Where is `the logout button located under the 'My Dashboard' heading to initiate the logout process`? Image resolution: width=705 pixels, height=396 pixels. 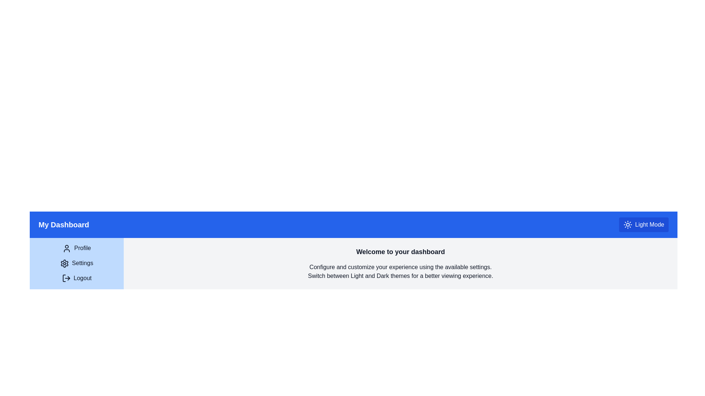 the logout button located under the 'My Dashboard' heading to initiate the logout process is located at coordinates (77, 278).